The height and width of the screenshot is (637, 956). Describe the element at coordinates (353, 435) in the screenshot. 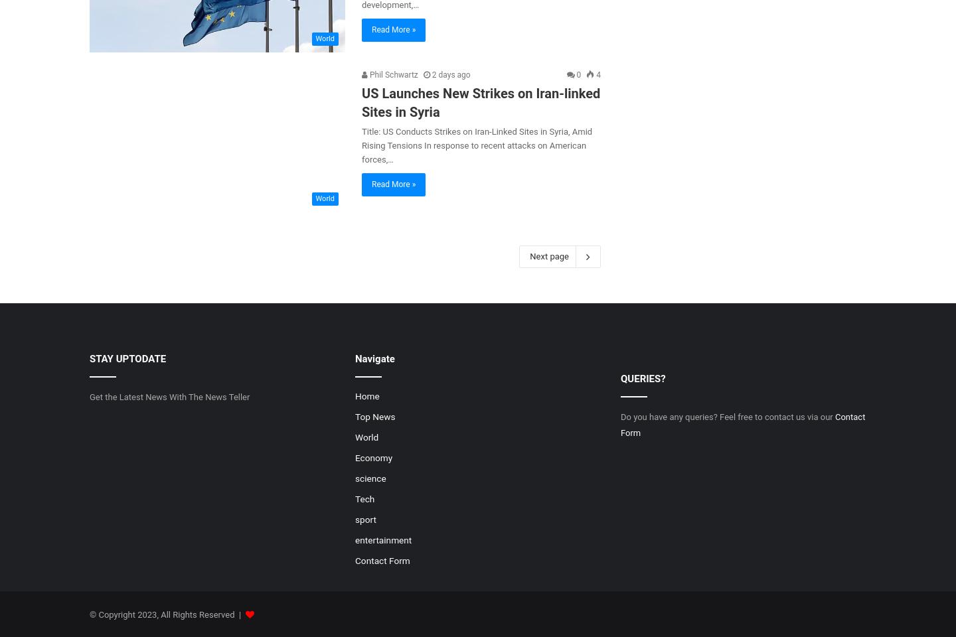

I see `'World'` at that location.